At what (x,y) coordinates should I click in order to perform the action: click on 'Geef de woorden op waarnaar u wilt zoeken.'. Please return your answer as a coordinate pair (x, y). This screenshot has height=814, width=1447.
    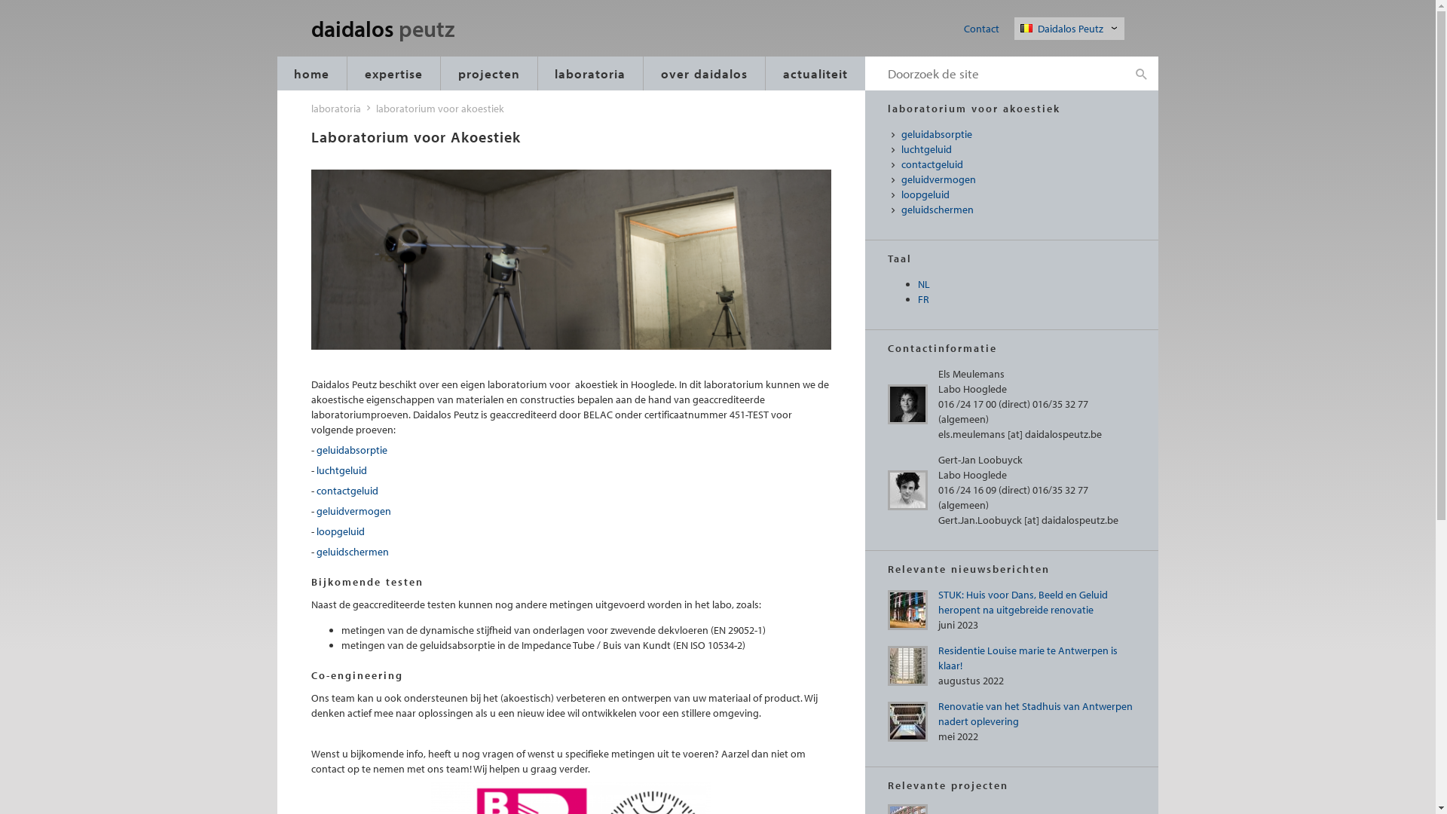
    Looking at the image, I should click on (995, 73).